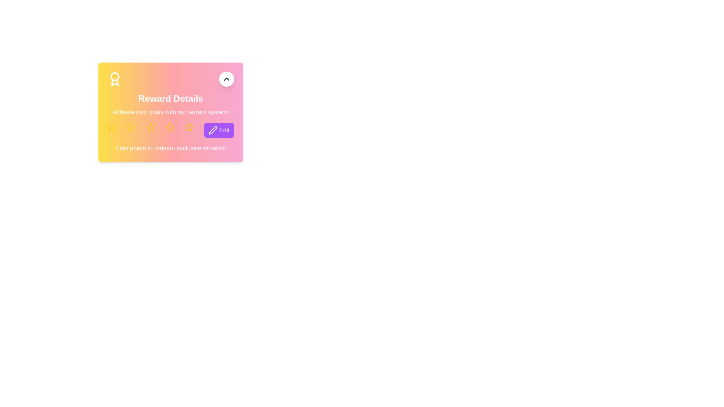  What do you see at coordinates (150, 127) in the screenshot?
I see `the third yellow star icon in the 'Reward Details' card` at bounding box center [150, 127].